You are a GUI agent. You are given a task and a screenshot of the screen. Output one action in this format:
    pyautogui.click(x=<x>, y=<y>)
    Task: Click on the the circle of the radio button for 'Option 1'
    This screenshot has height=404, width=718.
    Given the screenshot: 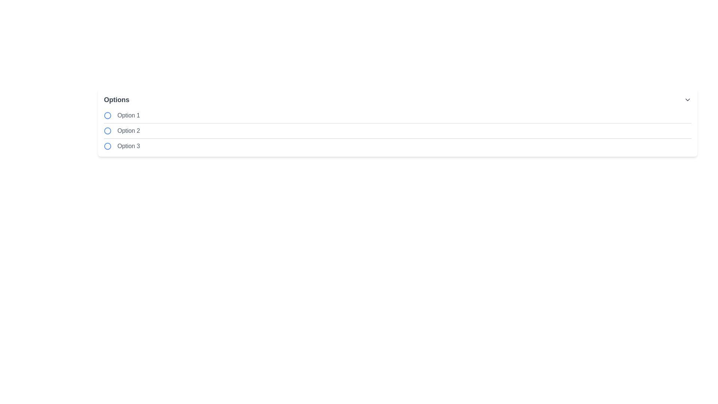 What is the action you would take?
    pyautogui.click(x=107, y=115)
    